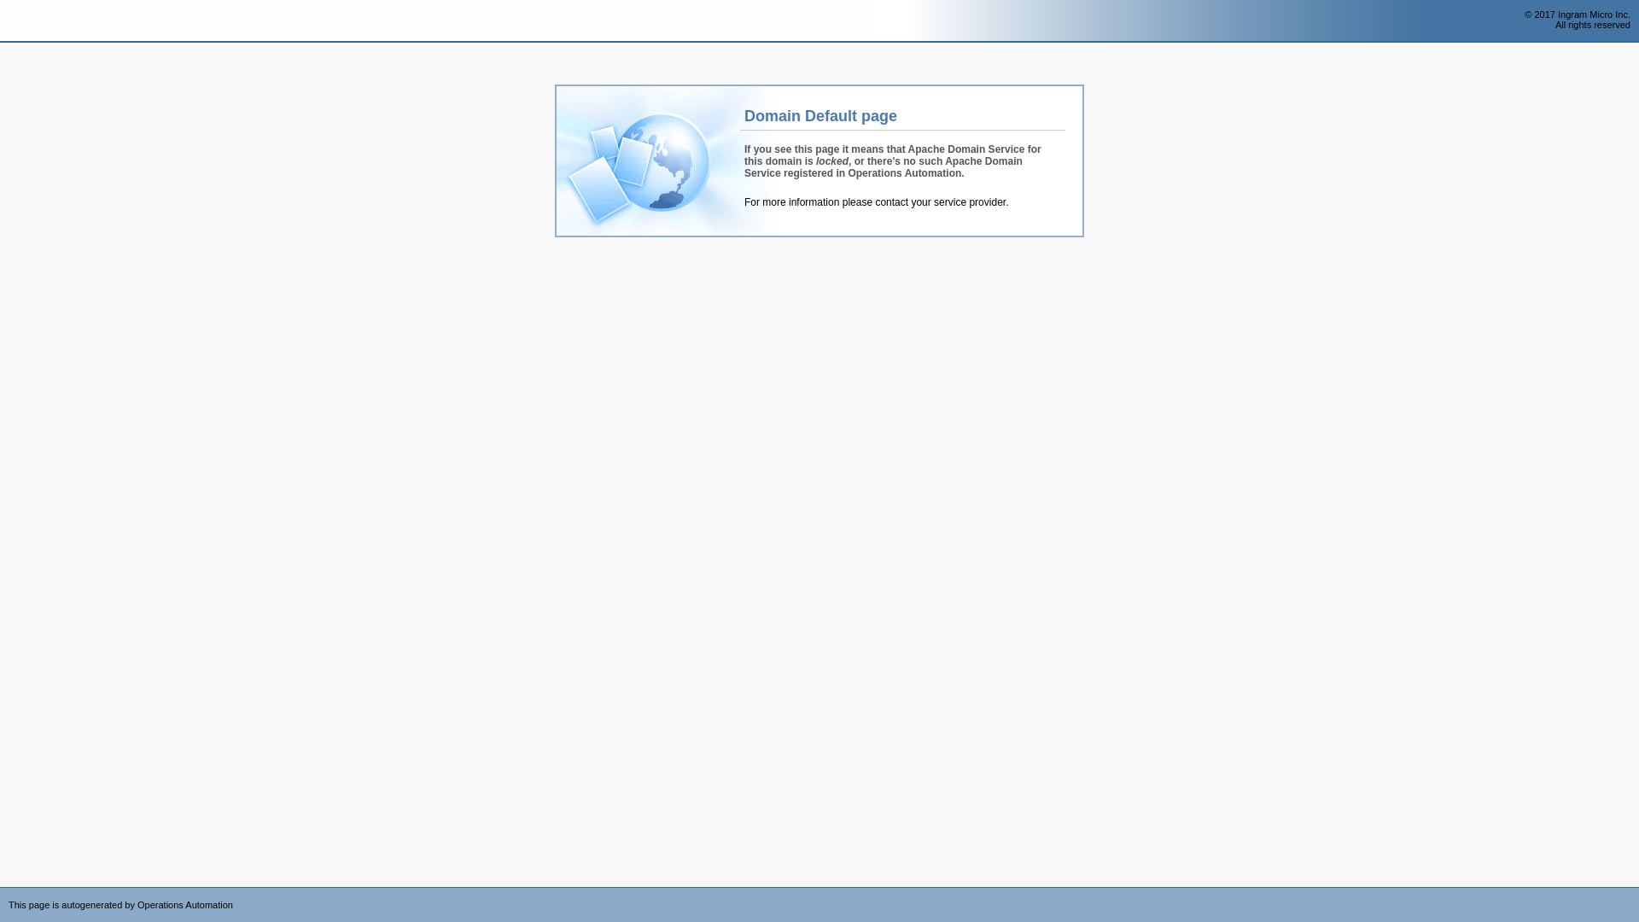 This screenshot has height=922, width=1639. What do you see at coordinates (44, 20) in the screenshot?
I see `'Operations Automation'` at bounding box center [44, 20].